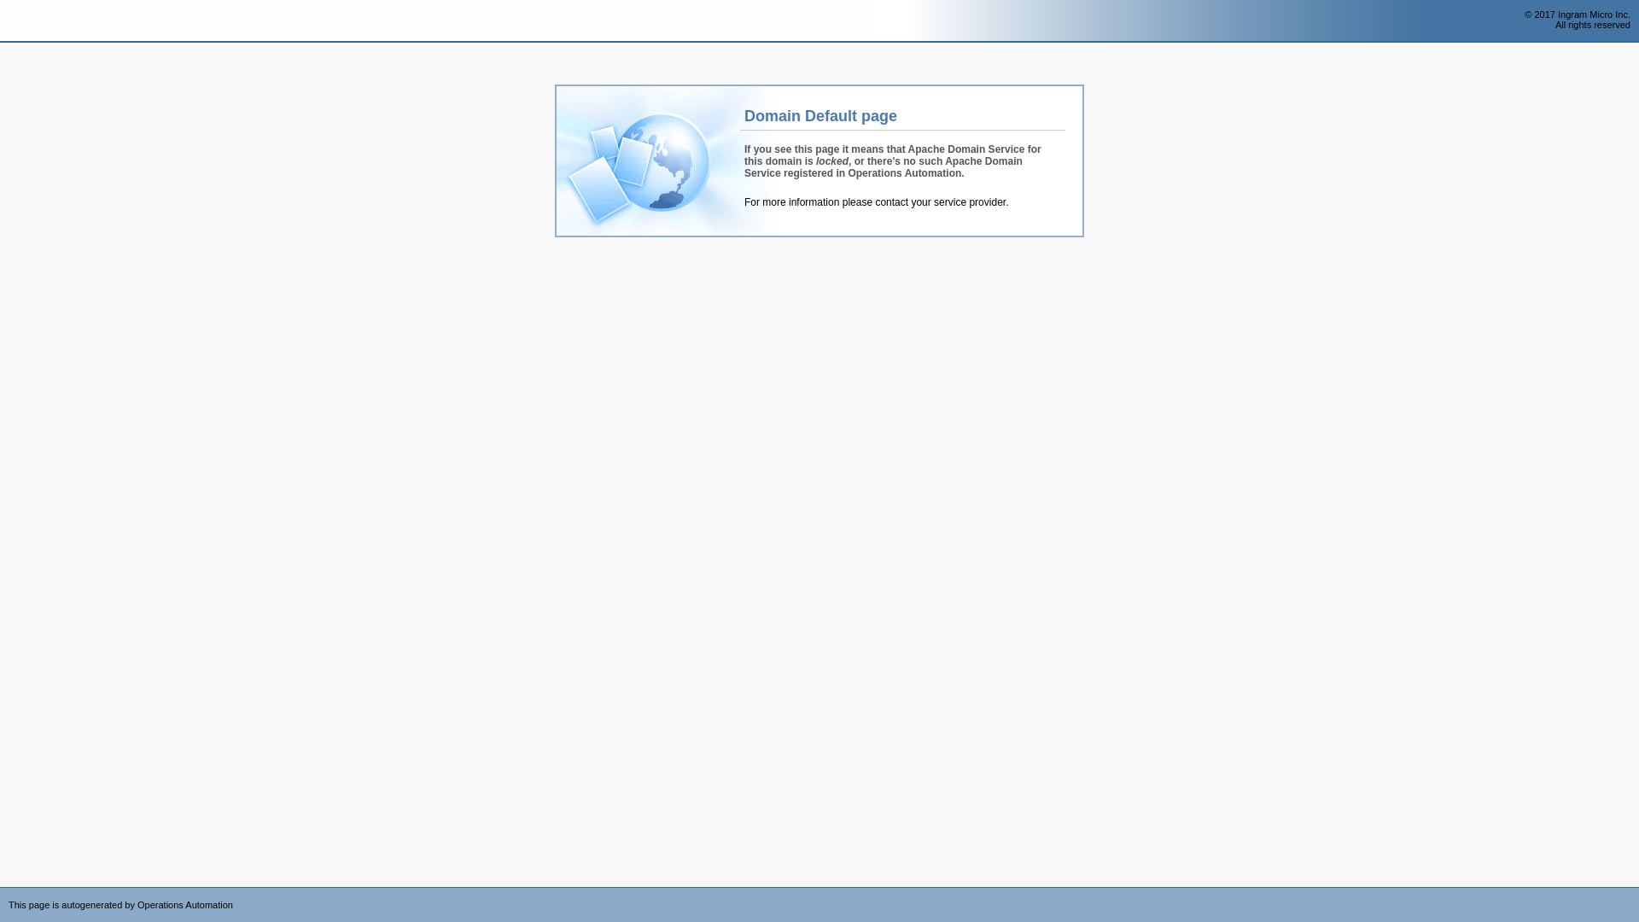 This screenshot has height=922, width=1639. What do you see at coordinates (44, 20) in the screenshot?
I see `'Operations Automation'` at bounding box center [44, 20].